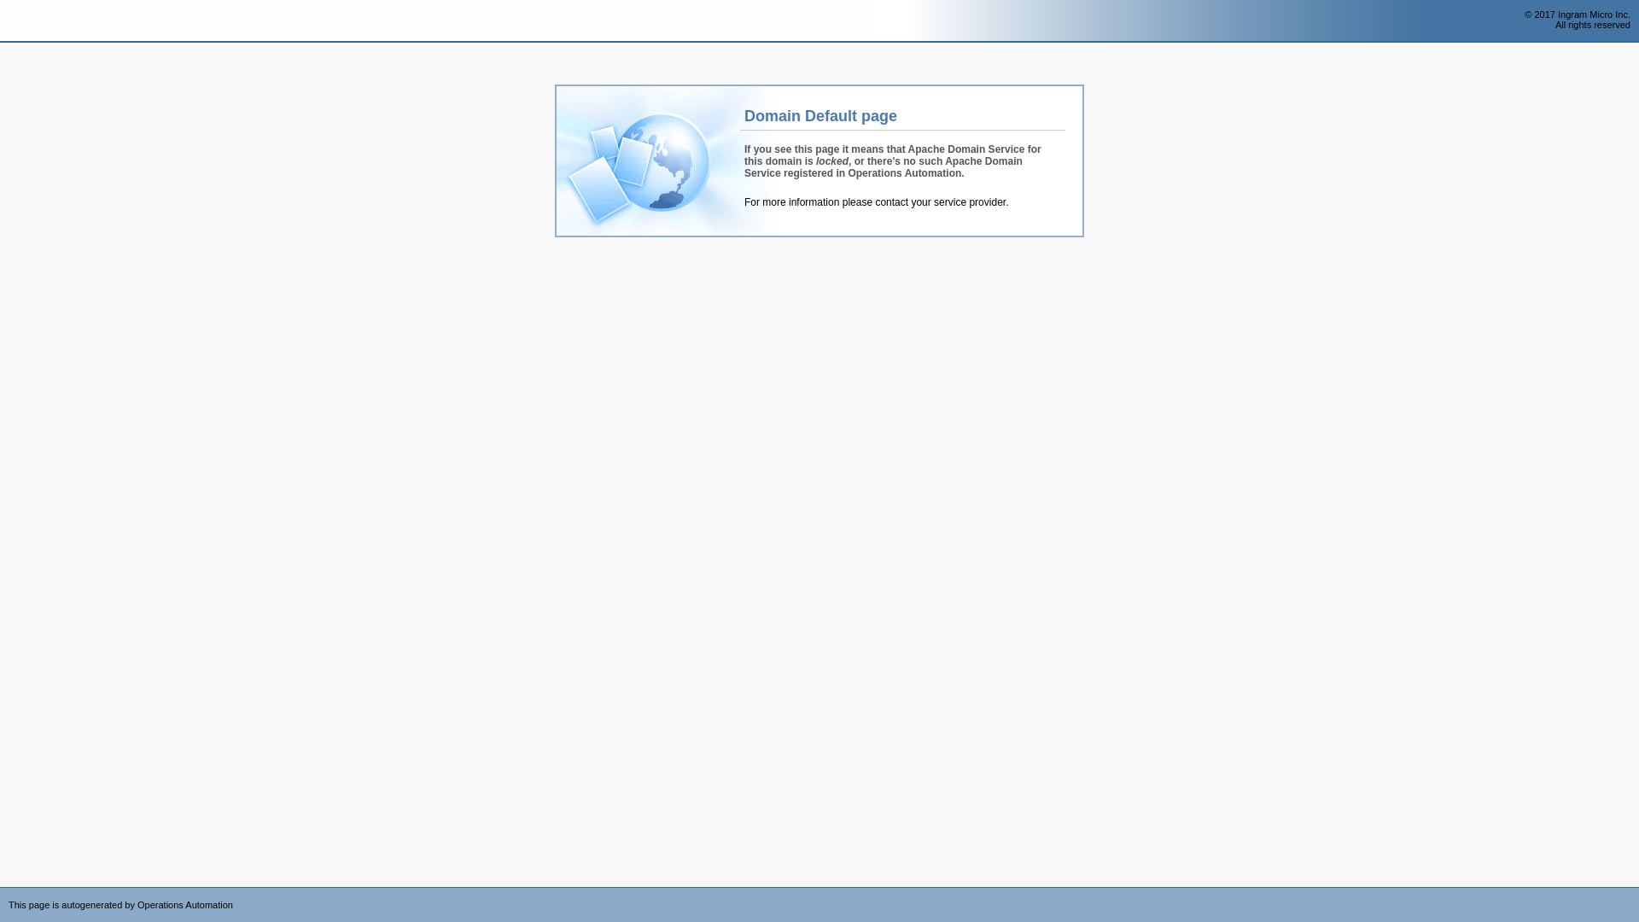 This screenshot has height=922, width=1639. What do you see at coordinates (44, 20) in the screenshot?
I see `'Operations Automation'` at bounding box center [44, 20].